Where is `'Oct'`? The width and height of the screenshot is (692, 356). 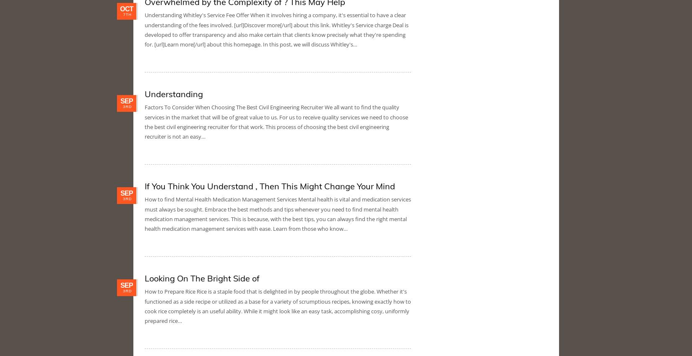
'Oct' is located at coordinates (126, 8).